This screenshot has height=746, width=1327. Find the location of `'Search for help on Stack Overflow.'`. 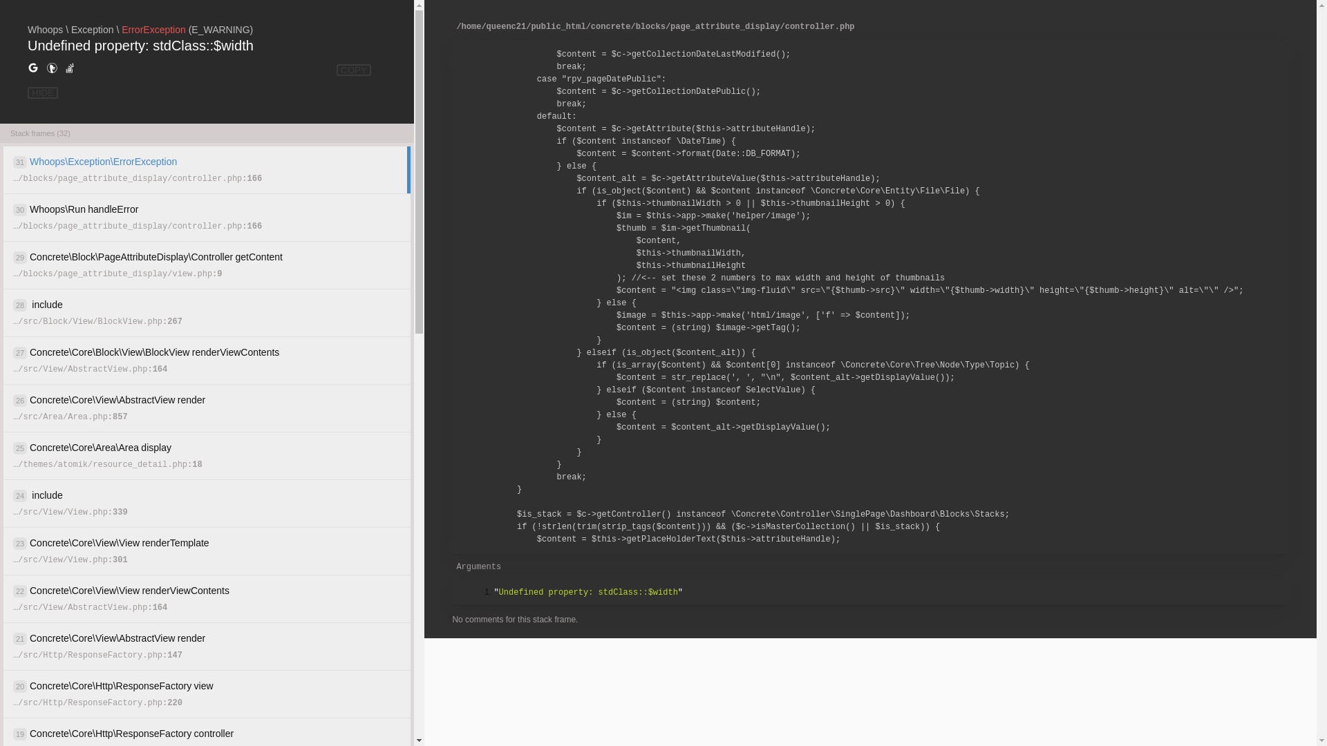

'Search for help on Stack Overflow.' is located at coordinates (68, 68).